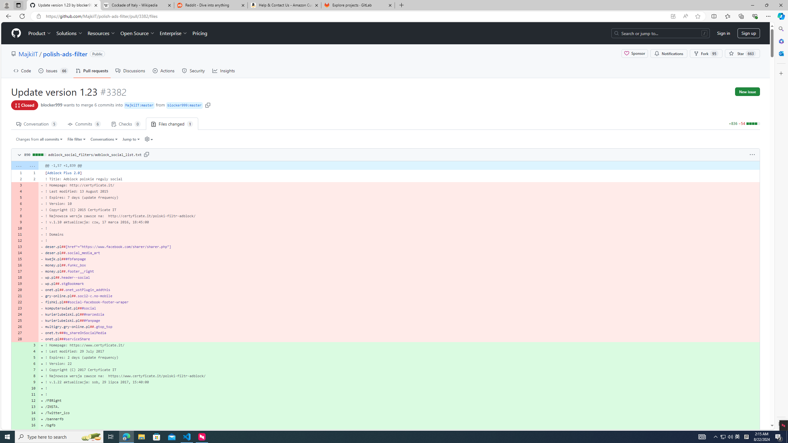  I want to click on 'Enterprise', so click(173, 33).